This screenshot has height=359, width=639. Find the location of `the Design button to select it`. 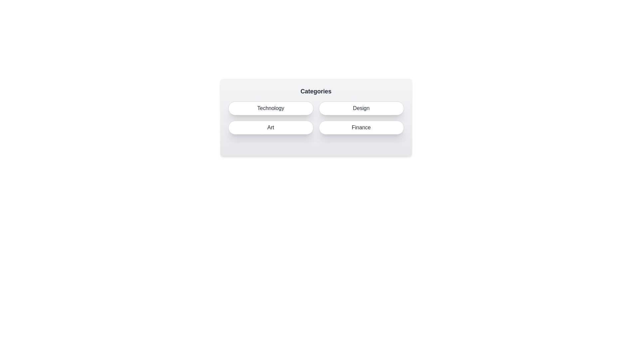

the Design button to select it is located at coordinates (361, 108).